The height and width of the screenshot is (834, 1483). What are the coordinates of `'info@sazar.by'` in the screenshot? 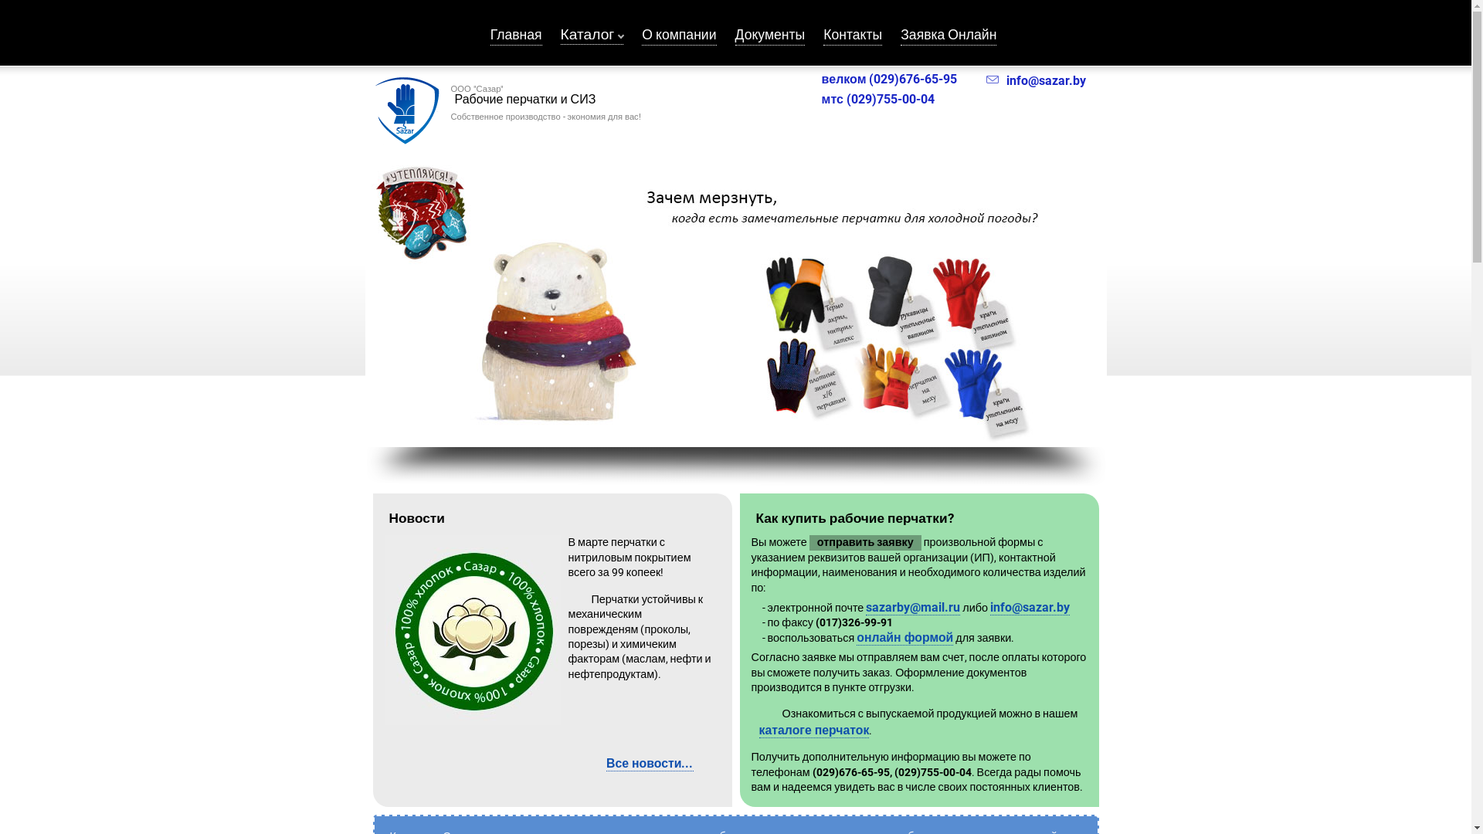 It's located at (1035, 80).